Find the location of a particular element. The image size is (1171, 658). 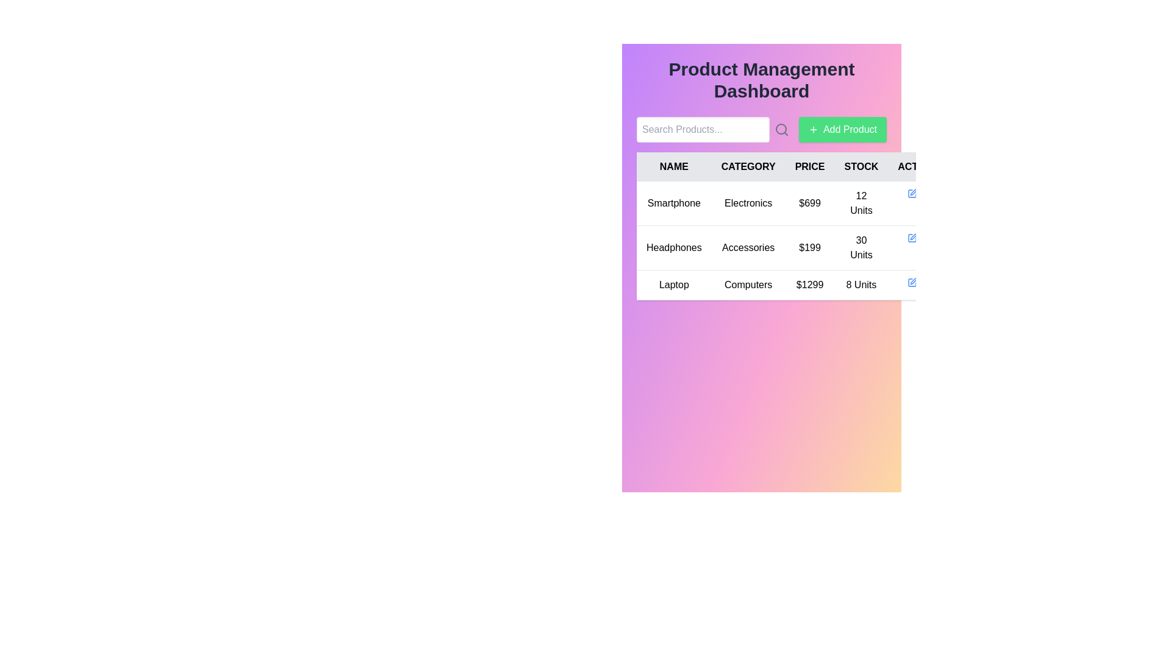

the Table Header which consists of uppercase text labels 'Name', 'Category', 'Price', 'Stock', and 'Actions' against a light gray background located at the top of the table is located at coordinates (794, 166).